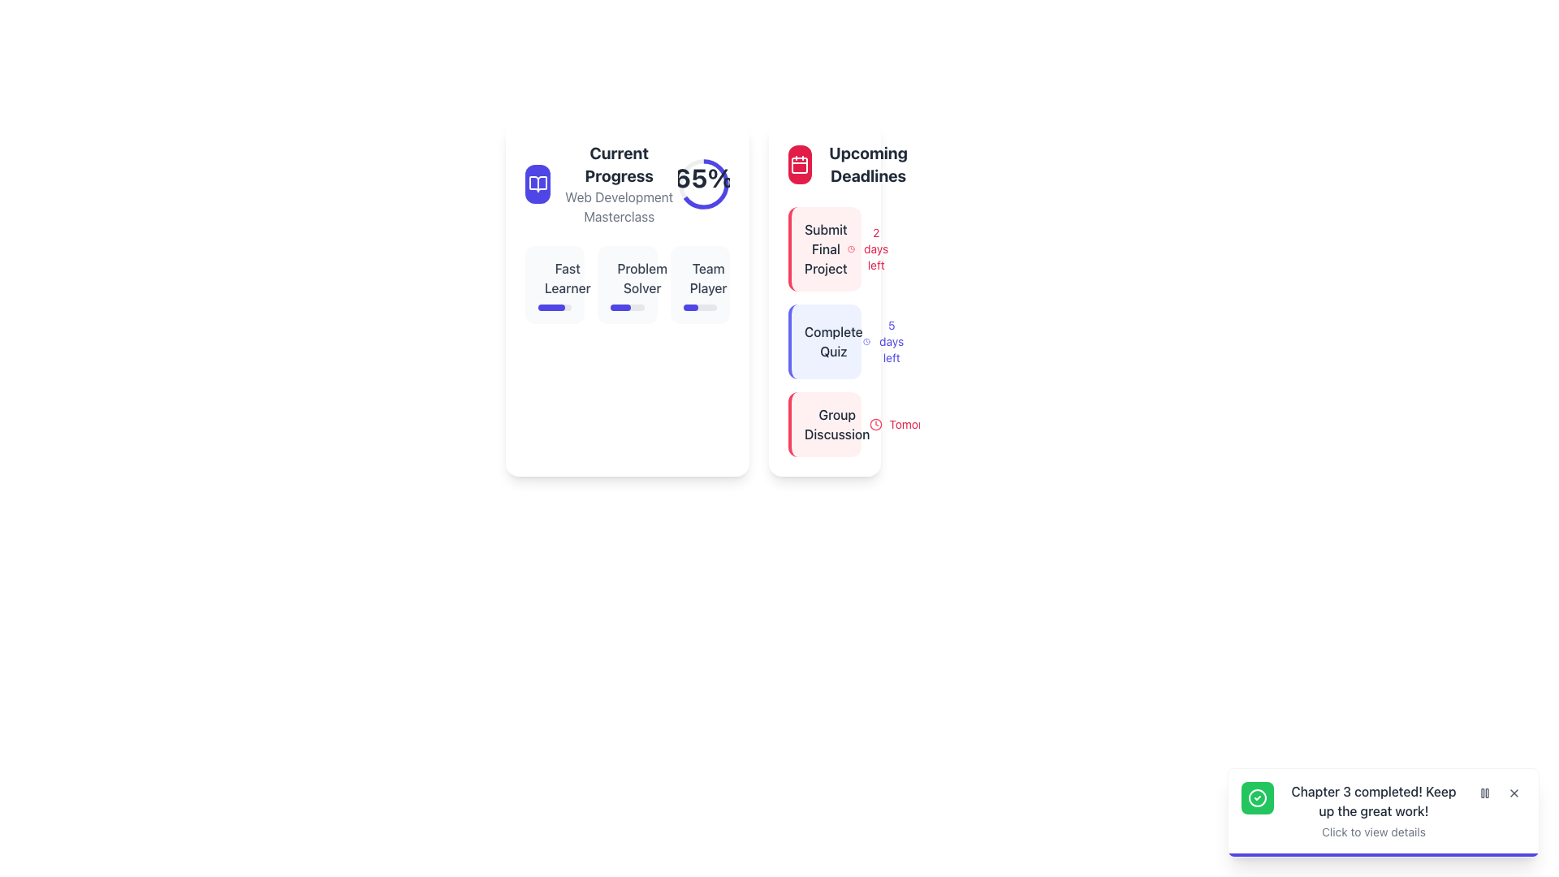  Describe the element at coordinates (851, 165) in the screenshot. I see `the text information of the Section header that identifies upcoming deadlines, located in the right section of the interface` at that location.